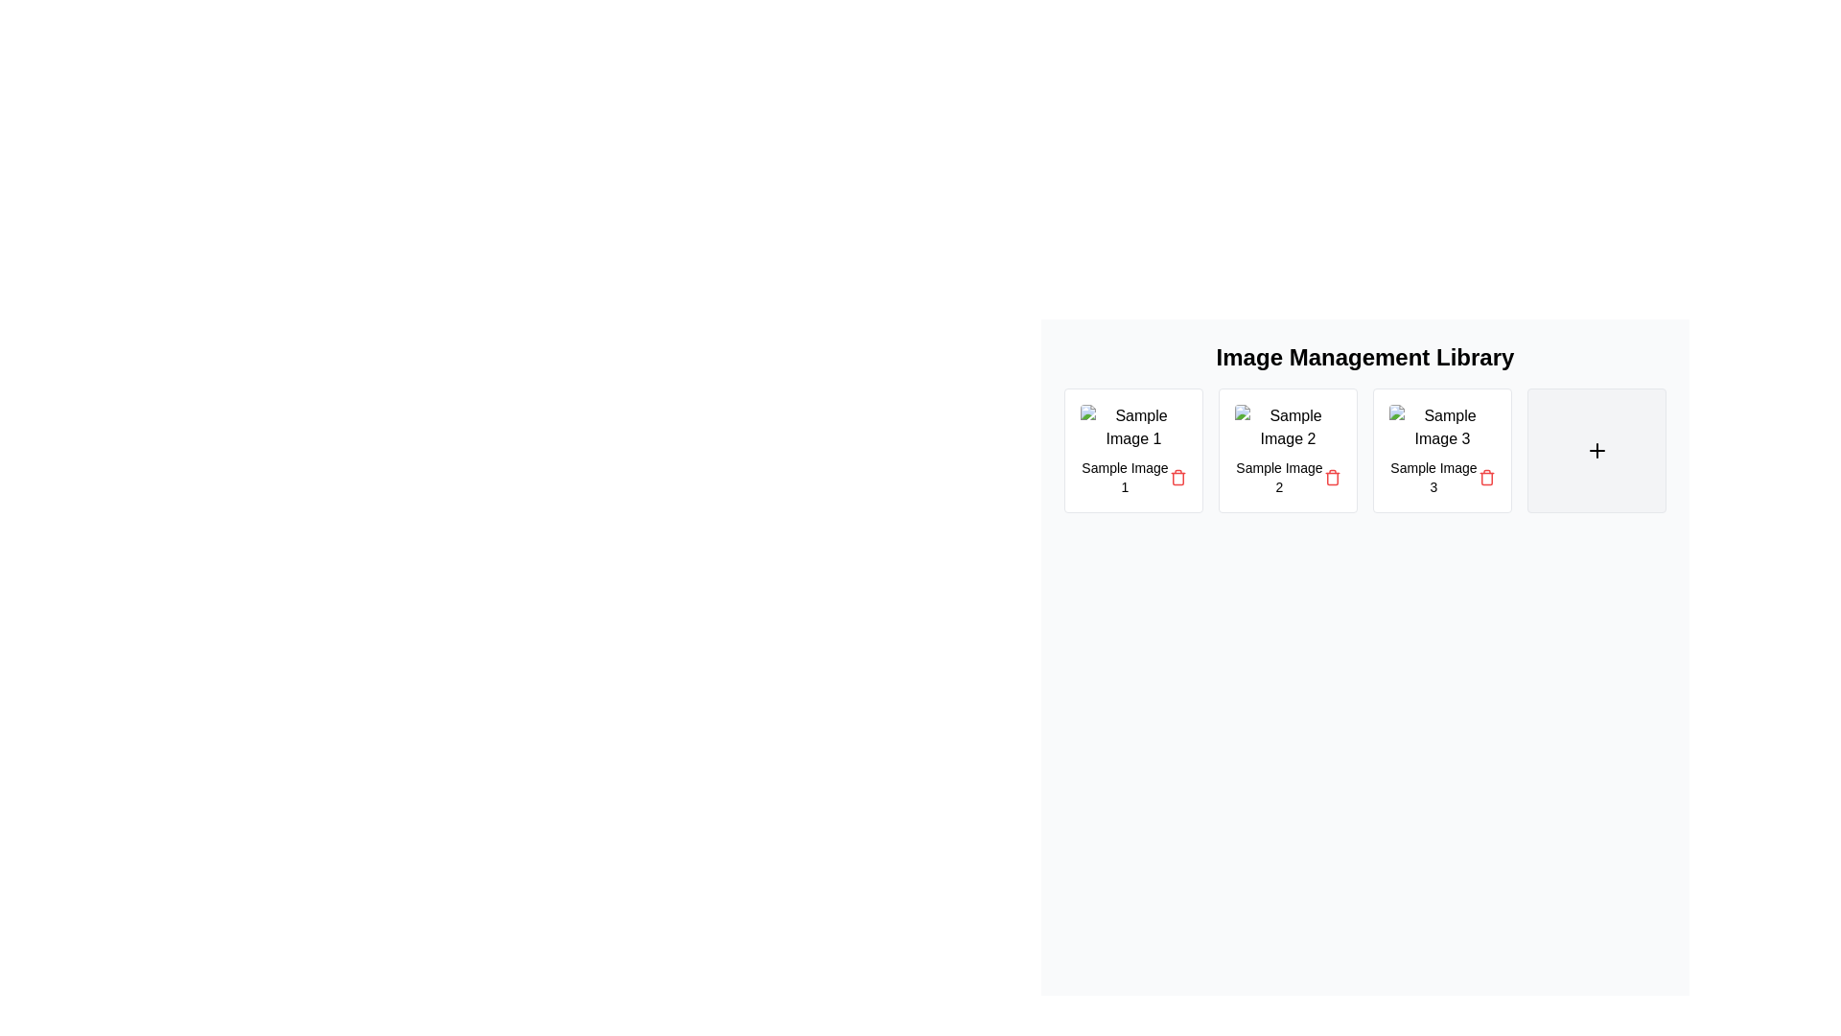 Image resolution: width=1841 pixels, height=1036 pixels. I want to click on the image thumbnail located in the upper portion of the second card, so click(1288, 427).